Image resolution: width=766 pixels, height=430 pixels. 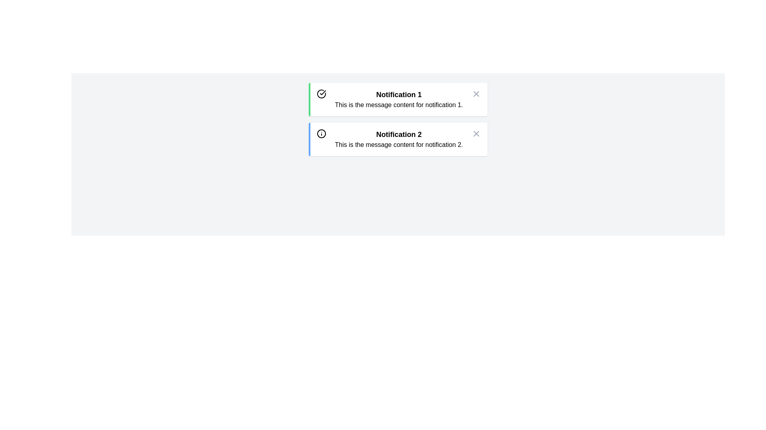 What do you see at coordinates (322, 93) in the screenshot?
I see `the success icon located at the top-left corner of the 'Notification 1' box, which indicates a completed or successful state` at bounding box center [322, 93].